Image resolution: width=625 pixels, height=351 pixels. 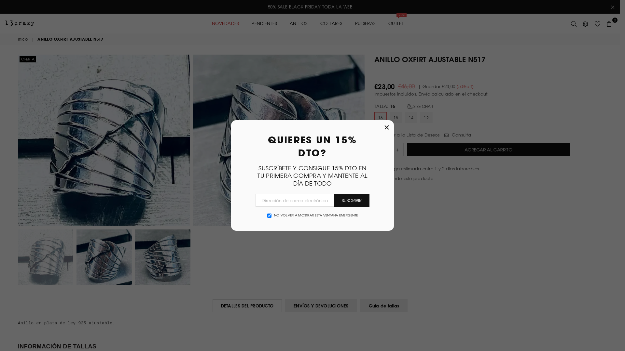 I want to click on 'SIZE CHART', so click(x=421, y=106).